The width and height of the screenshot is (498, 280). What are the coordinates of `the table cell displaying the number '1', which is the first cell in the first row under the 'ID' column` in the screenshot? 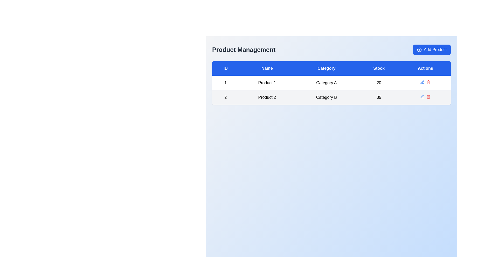 It's located at (225, 83).